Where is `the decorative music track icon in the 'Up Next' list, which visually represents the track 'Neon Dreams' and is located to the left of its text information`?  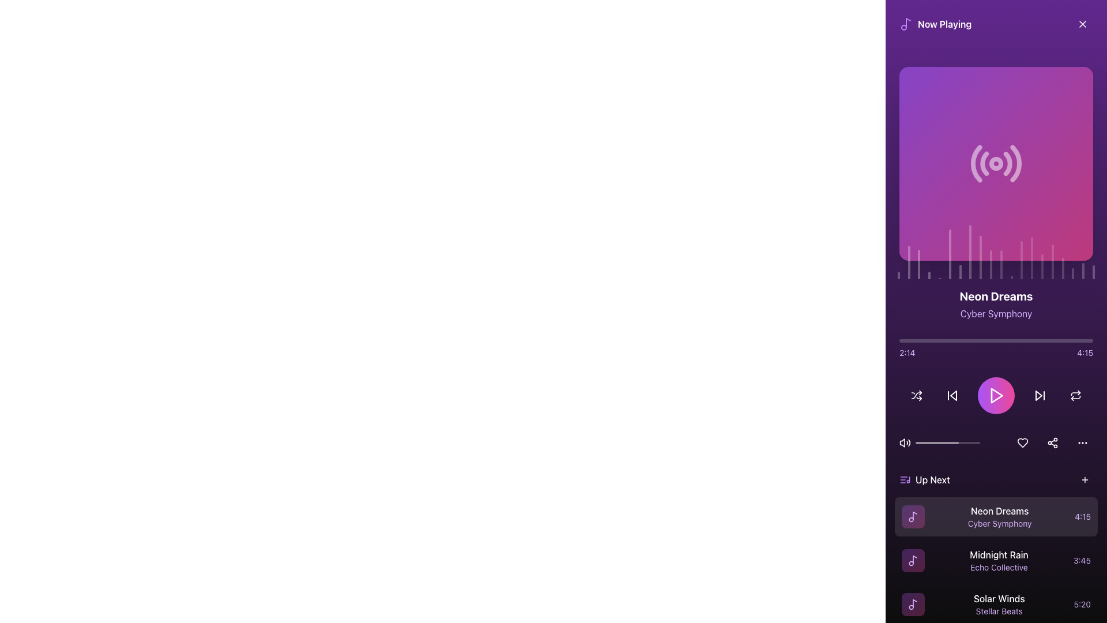
the decorative music track icon in the 'Up Next' list, which visually represents the track 'Neon Dreams' and is located to the left of its text information is located at coordinates (913, 516).